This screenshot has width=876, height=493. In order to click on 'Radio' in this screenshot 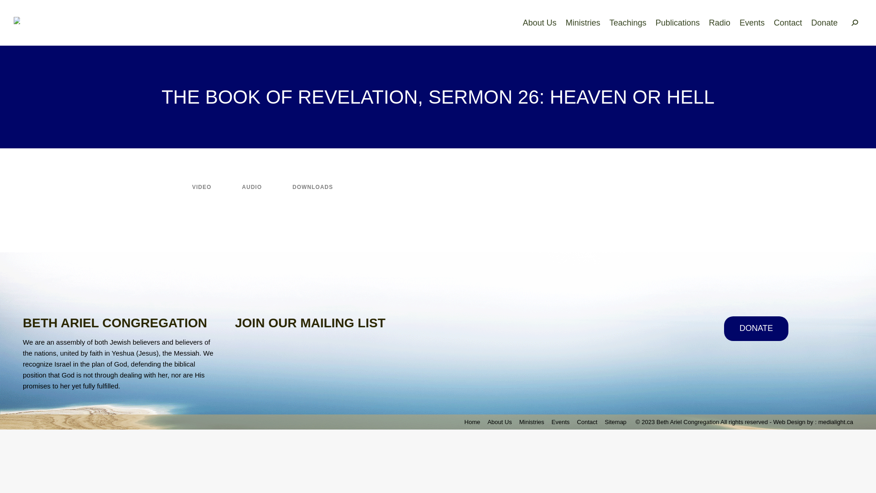, I will do `click(719, 22)`.